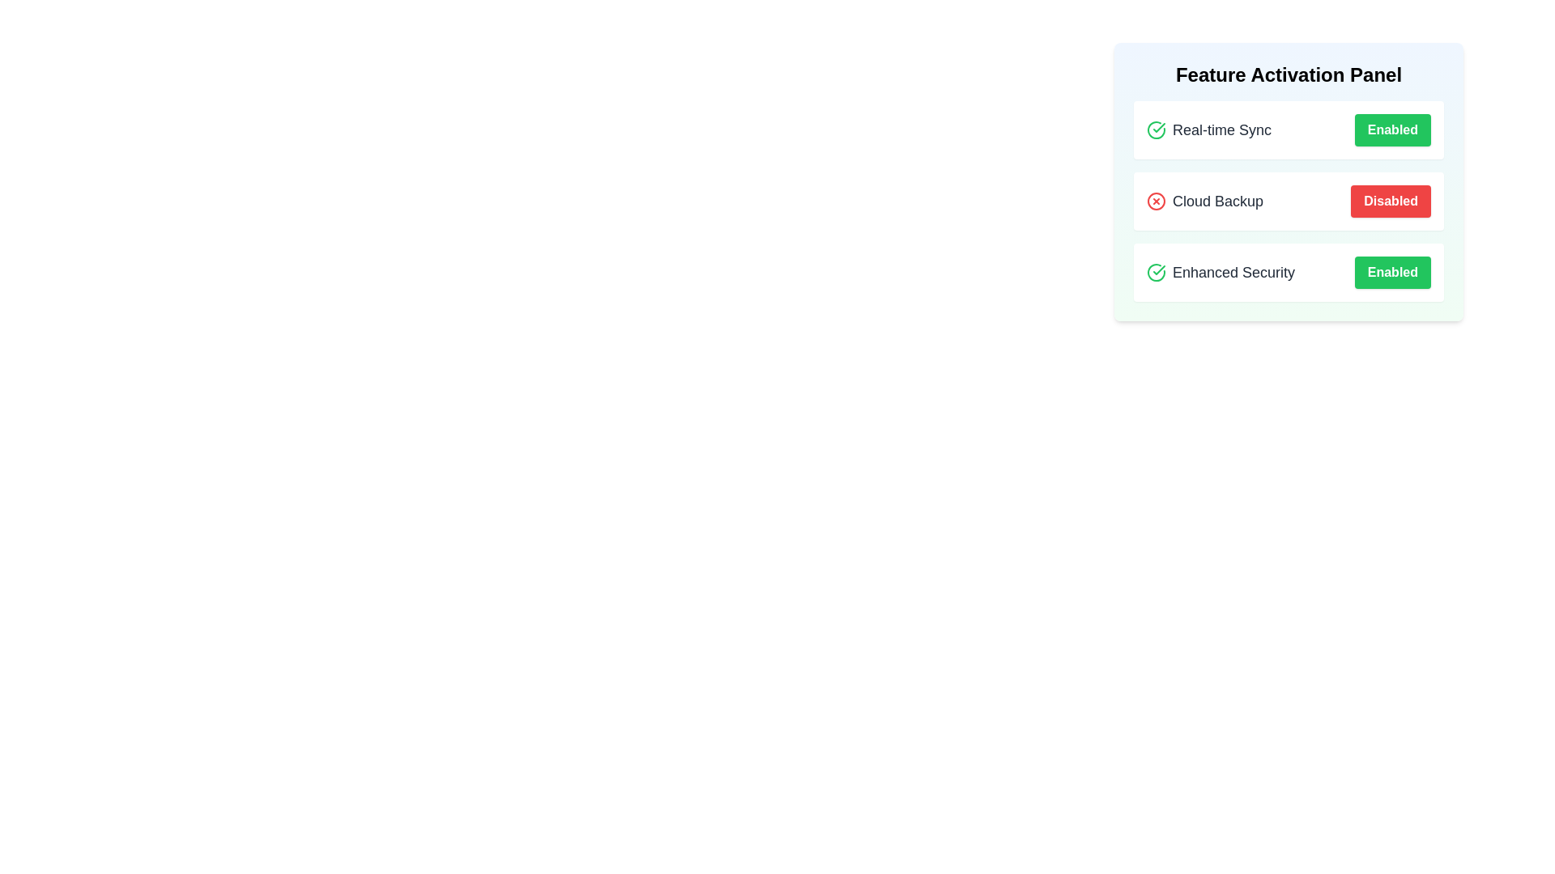 The width and height of the screenshot is (1555, 874). I want to click on the 'Enhanced Security' button to toggle its state, so click(1391, 271).